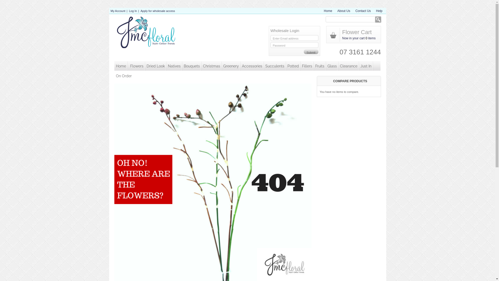 The image size is (499, 281). What do you see at coordinates (117, 11) in the screenshot?
I see `'My Account'` at bounding box center [117, 11].